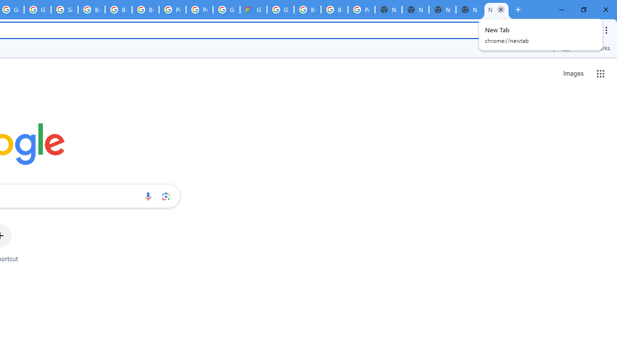  I want to click on 'Sign in - Google Accounts', so click(64, 10).